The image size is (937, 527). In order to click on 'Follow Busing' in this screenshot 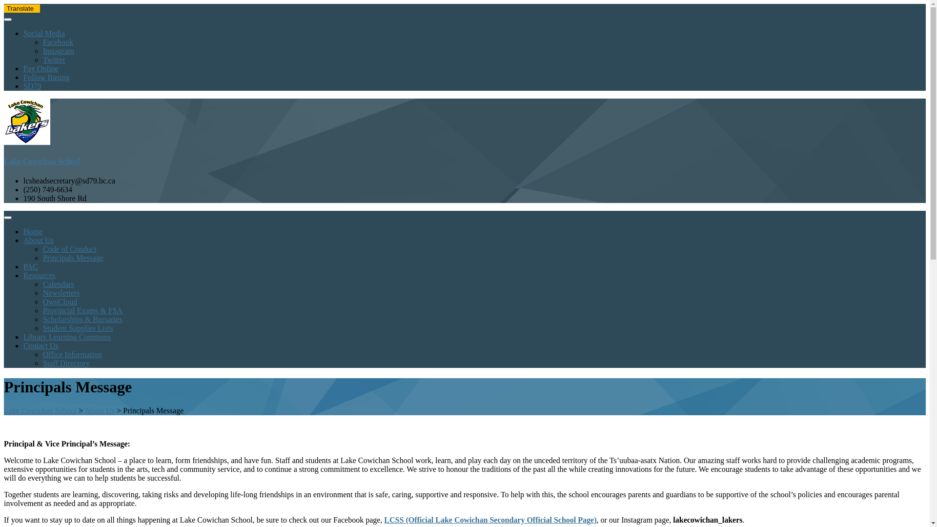, I will do `click(46, 77)`.